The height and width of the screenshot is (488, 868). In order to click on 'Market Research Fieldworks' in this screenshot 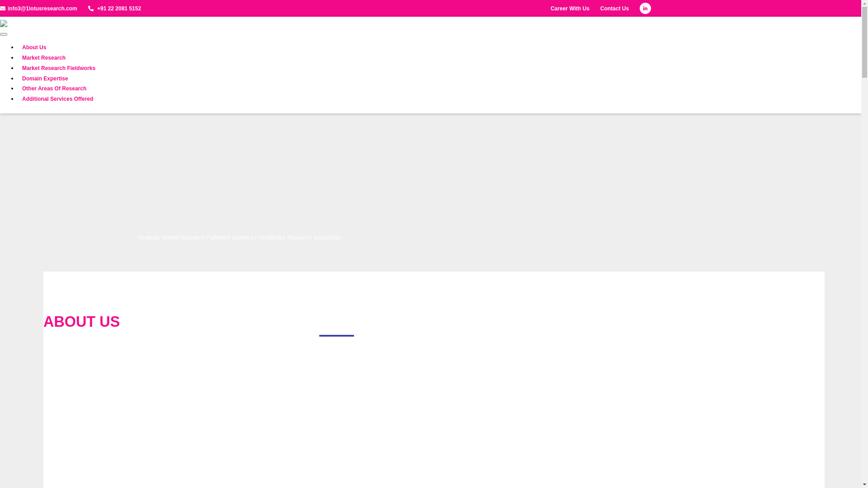, I will do `click(22, 68)`.